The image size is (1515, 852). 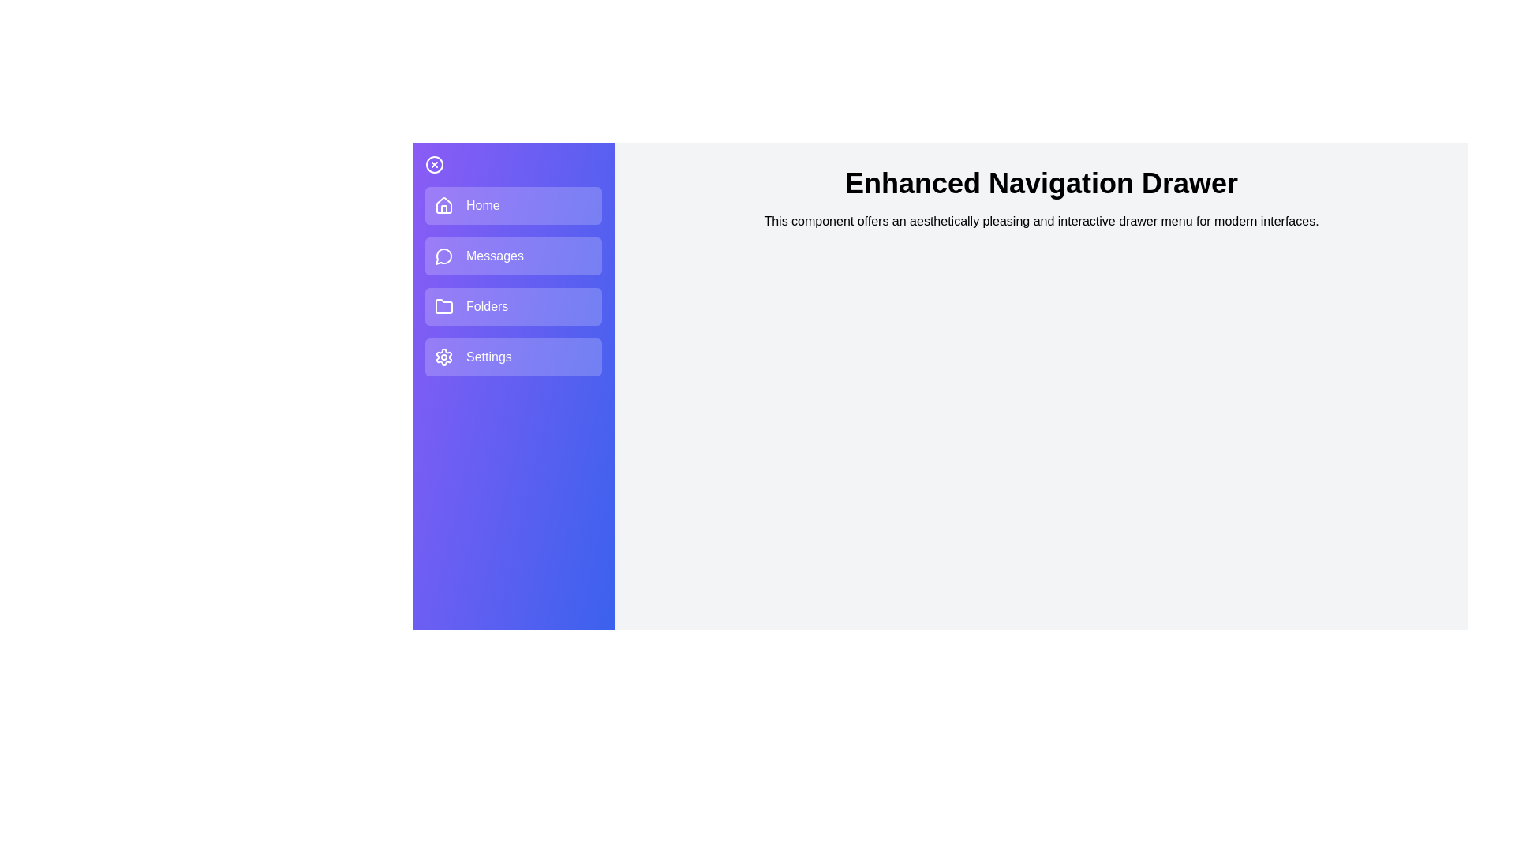 What do you see at coordinates (435, 164) in the screenshot?
I see `toggle button at the top-left corner of the navigation drawer to toggle its state` at bounding box center [435, 164].